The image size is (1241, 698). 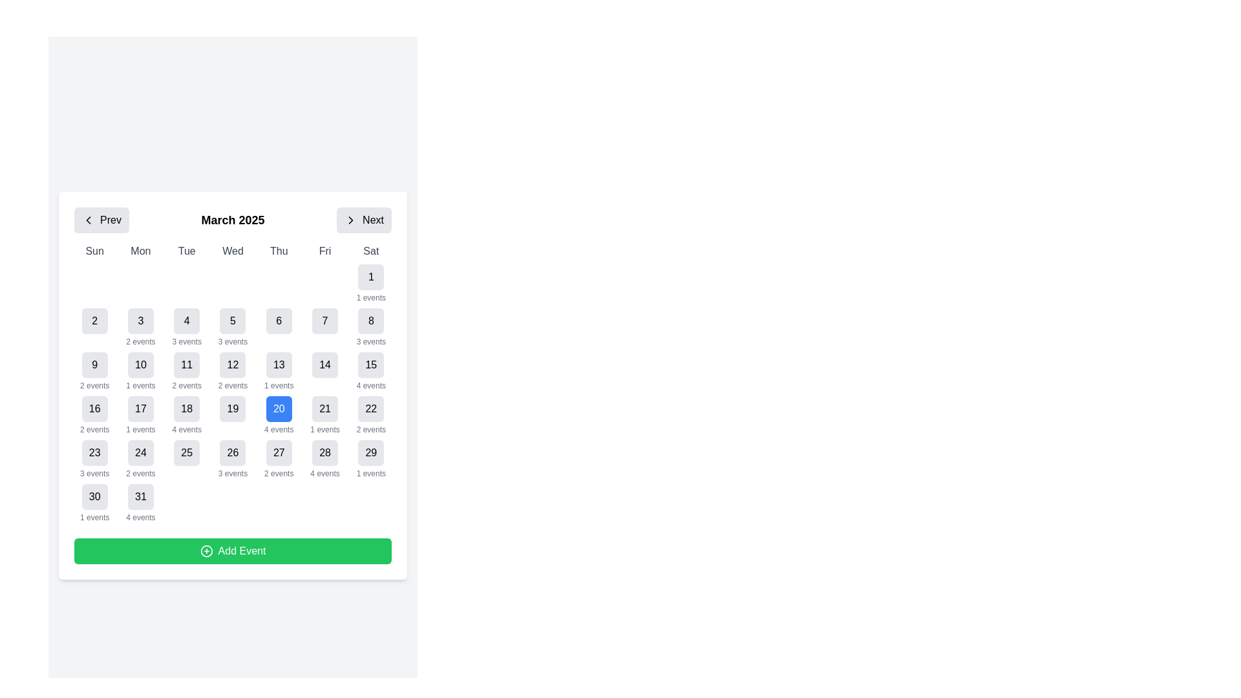 I want to click on the right-facing chevron icon located in the top-right corner of the calendar interface, adjacent to the 'Next' button, so click(x=351, y=219).